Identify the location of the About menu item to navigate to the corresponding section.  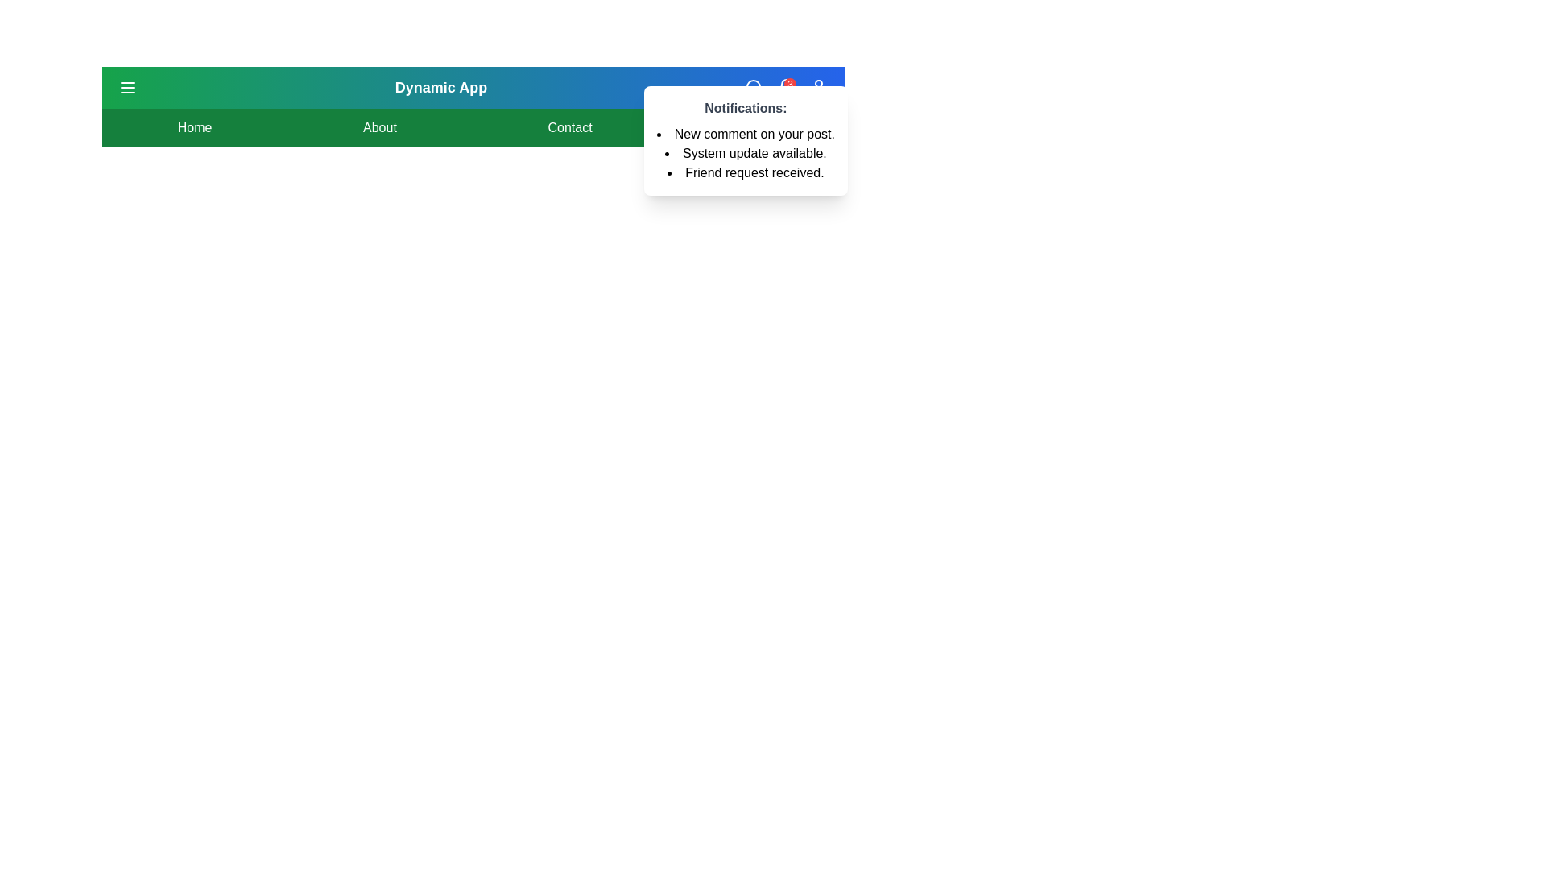
(378, 126).